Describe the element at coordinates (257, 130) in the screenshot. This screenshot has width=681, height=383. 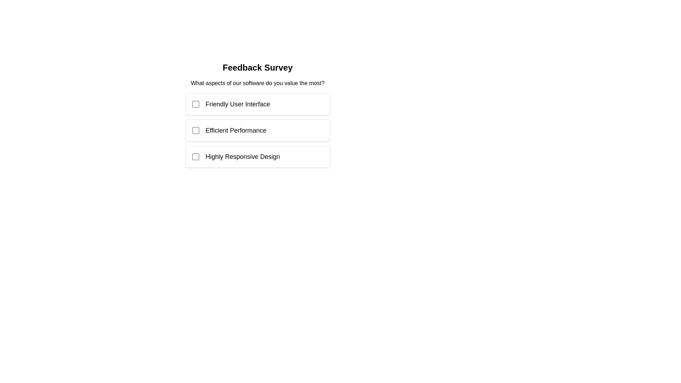
I see `associated text of the checkbox option located in the middle of a vertically arranged list, positioned below 'Friendly User Interface' and above 'Highly Responsive Design'` at that location.